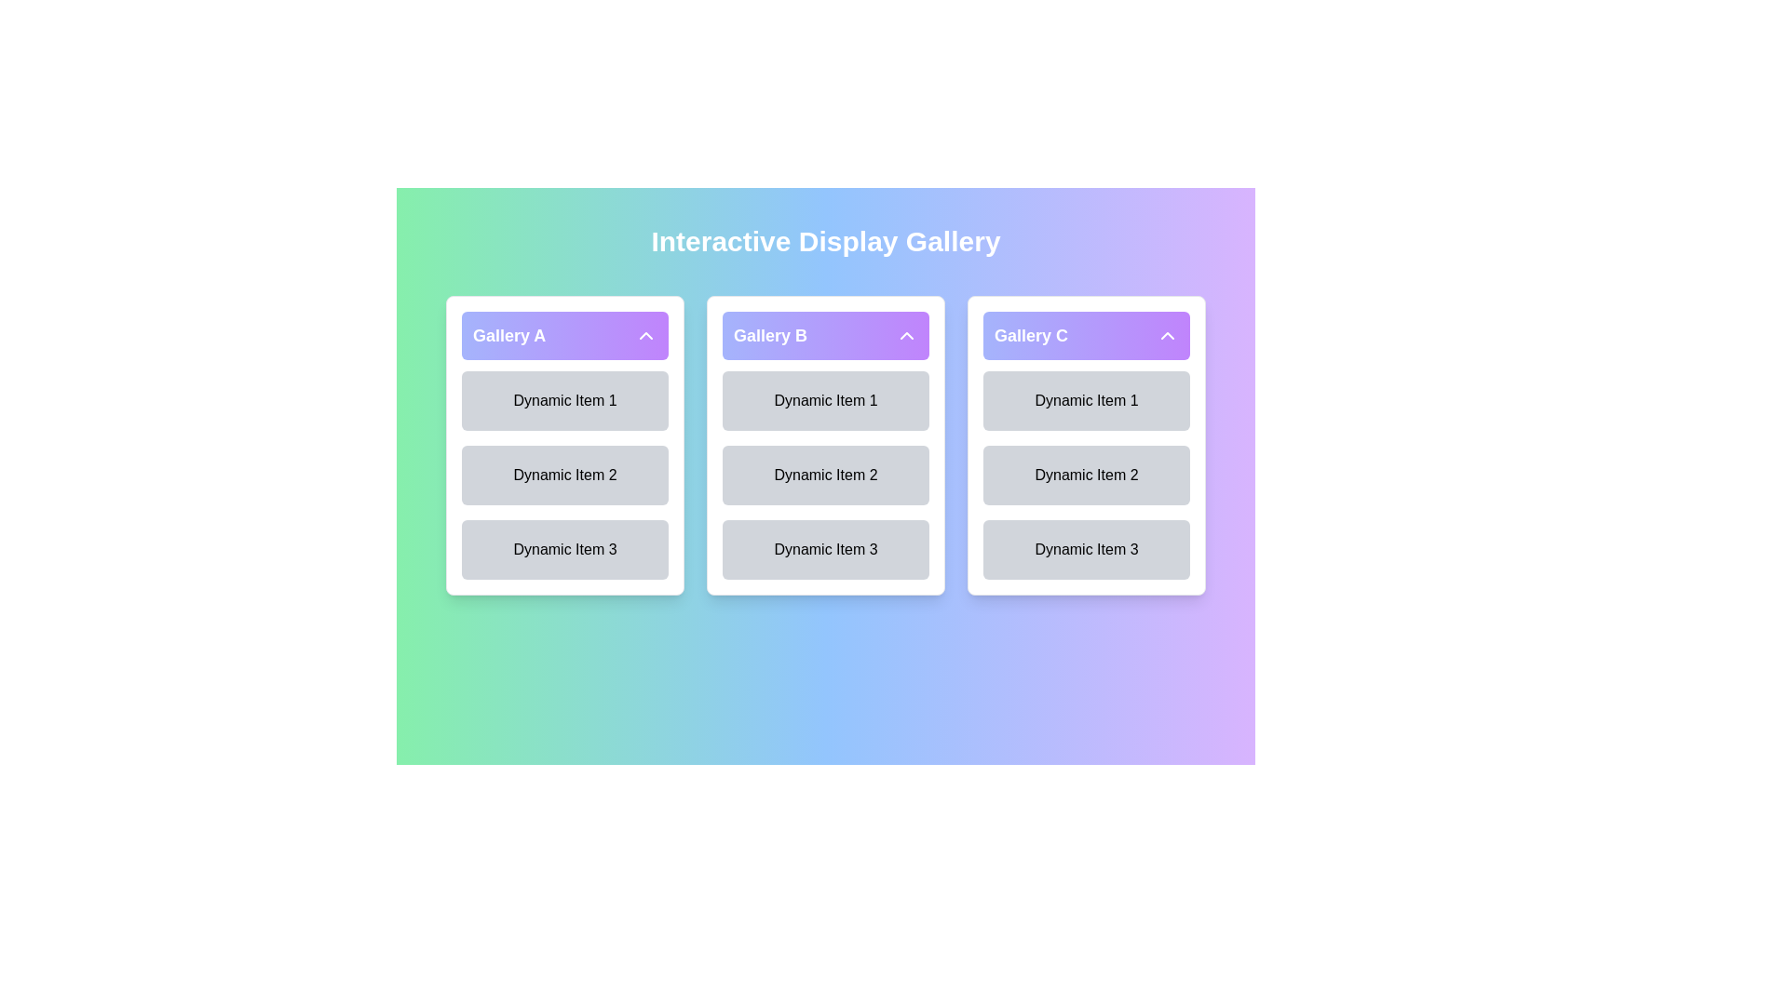 The height and width of the screenshot is (1005, 1788). What do you see at coordinates (825, 474) in the screenshot?
I see `the label with the text 'Dynamic Item 2', which is a light grey rectangular component with rounded corners, located in the middle column of 'Gallery B'` at bounding box center [825, 474].